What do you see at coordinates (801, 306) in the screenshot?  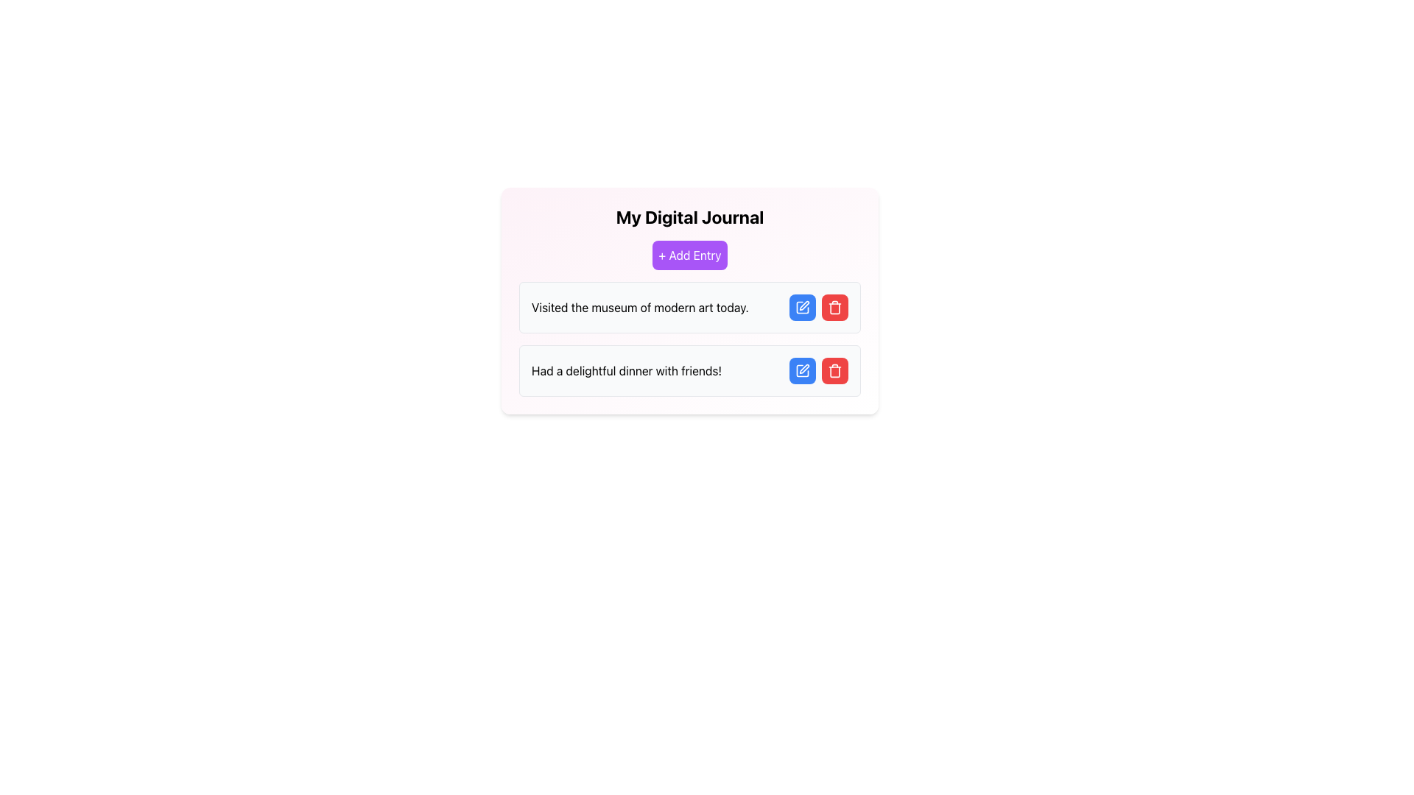 I see `the small blue pen icon button, which indicates an edit function, located to the right of the first journal entry text 'Visited the museum of modern art today.'` at bounding box center [801, 306].